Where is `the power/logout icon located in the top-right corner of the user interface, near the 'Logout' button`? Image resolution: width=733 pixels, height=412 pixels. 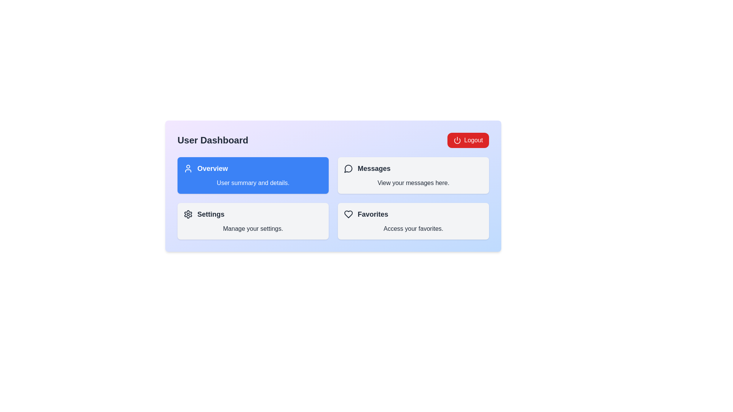 the power/logout icon located in the top-right corner of the user interface, near the 'Logout' button is located at coordinates (457, 141).